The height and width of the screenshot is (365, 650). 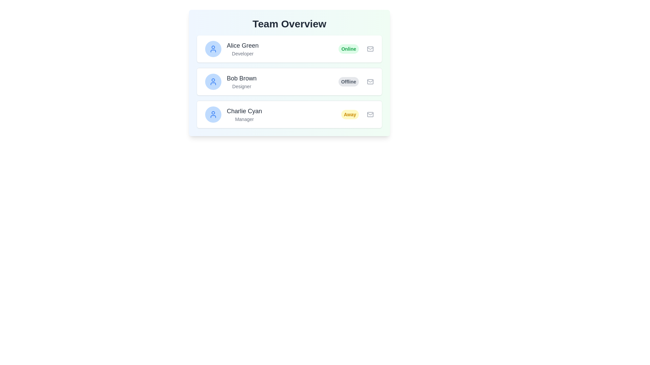 I want to click on the main rectangular body of the envelope icon associated with 'Bob Brown, Designer' in the user status card list, so click(x=370, y=81).